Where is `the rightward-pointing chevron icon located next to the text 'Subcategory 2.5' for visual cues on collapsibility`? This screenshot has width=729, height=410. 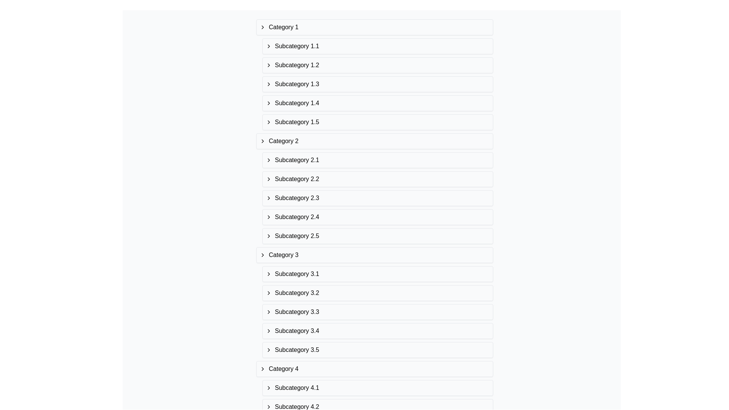 the rightward-pointing chevron icon located next to the text 'Subcategory 2.5' for visual cues on collapsibility is located at coordinates (269, 235).